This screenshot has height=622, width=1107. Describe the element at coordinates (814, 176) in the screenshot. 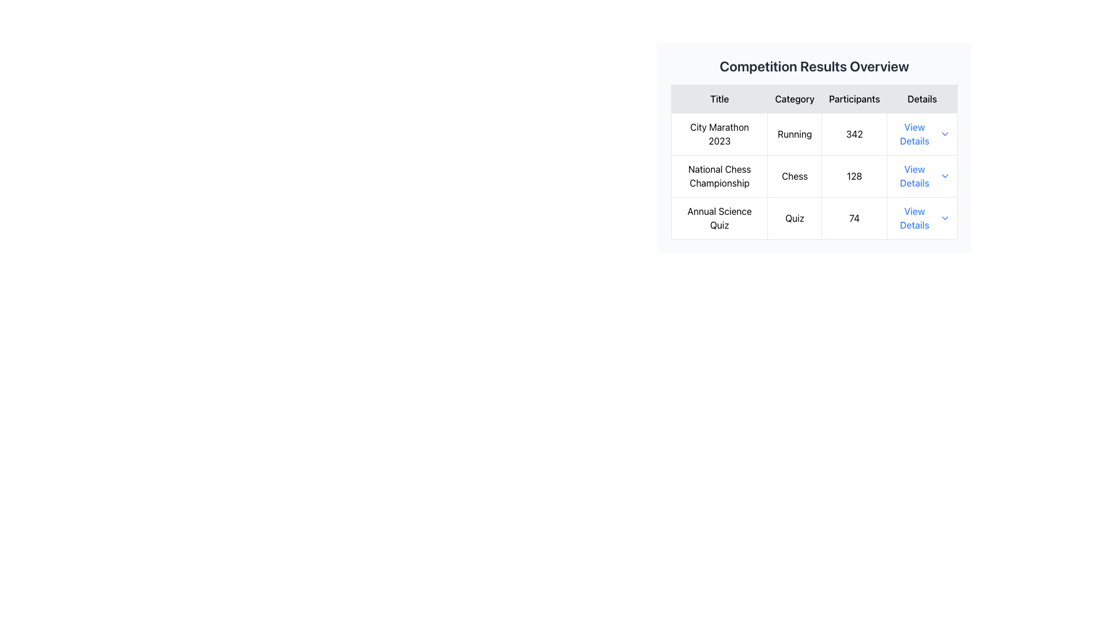

I see `the second row of the table that presents detailed information about a specific event, including title, category, participants, and details` at that location.